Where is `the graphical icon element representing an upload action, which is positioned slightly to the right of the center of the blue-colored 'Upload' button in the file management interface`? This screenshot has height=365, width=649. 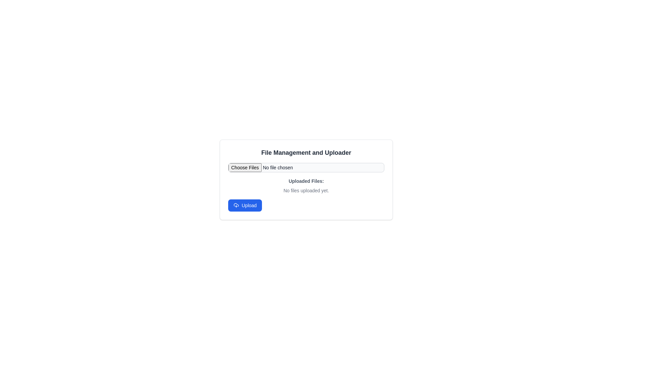
the graphical icon element representing an upload action, which is positioned slightly to the right of the center of the blue-colored 'Upload' button in the file management interface is located at coordinates (236, 204).